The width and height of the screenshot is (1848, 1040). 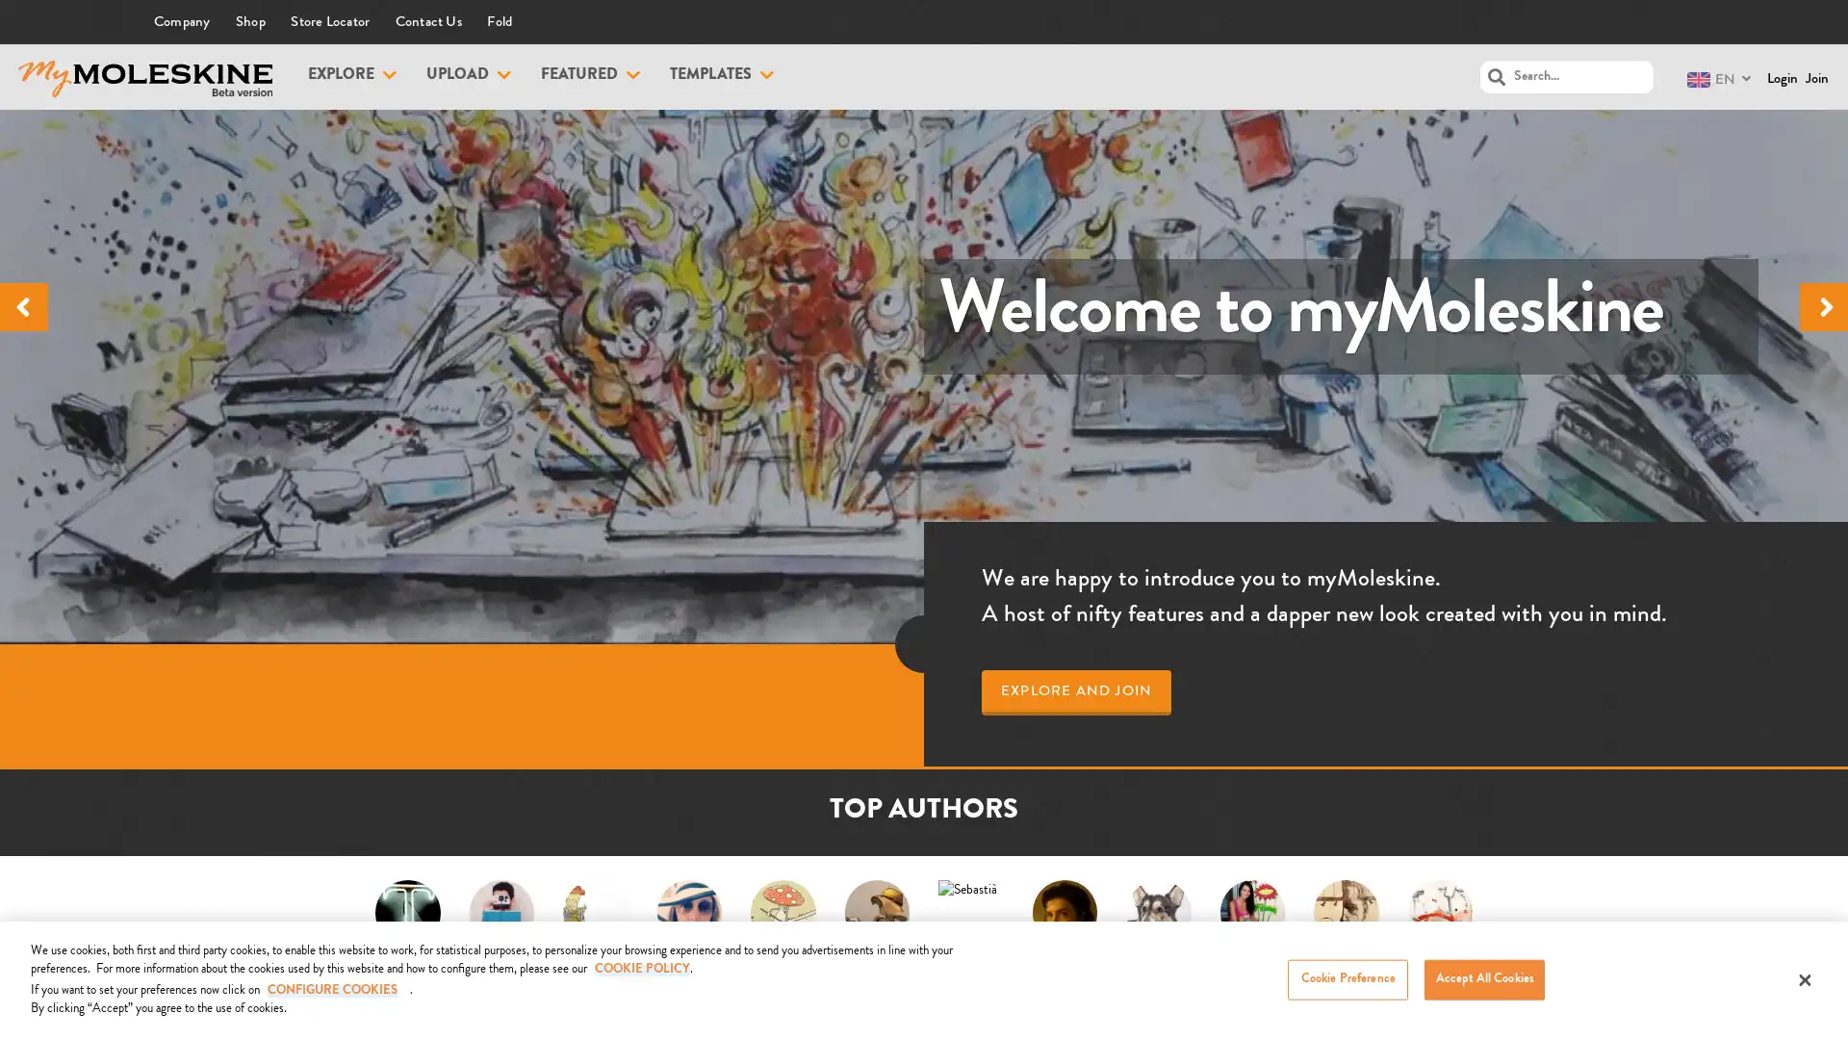 What do you see at coordinates (1483, 979) in the screenshot?
I see `Accept All Cookies` at bounding box center [1483, 979].